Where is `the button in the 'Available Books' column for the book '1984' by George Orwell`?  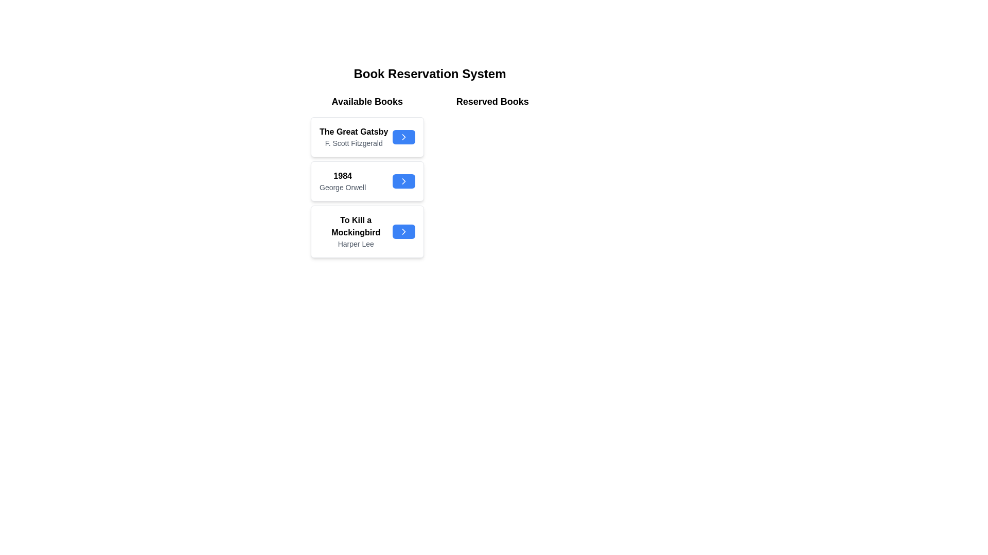 the button in the 'Available Books' column for the book '1984' by George Orwell is located at coordinates (403, 181).